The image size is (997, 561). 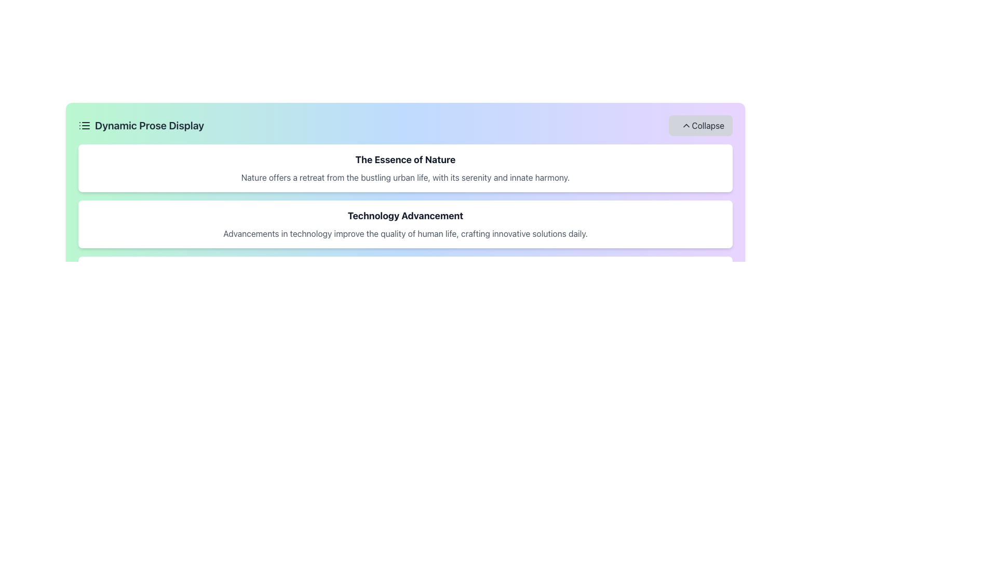 I want to click on the button that collapses or hides additional content in the header section titled 'Dynamic Prose Display', so click(x=700, y=125).